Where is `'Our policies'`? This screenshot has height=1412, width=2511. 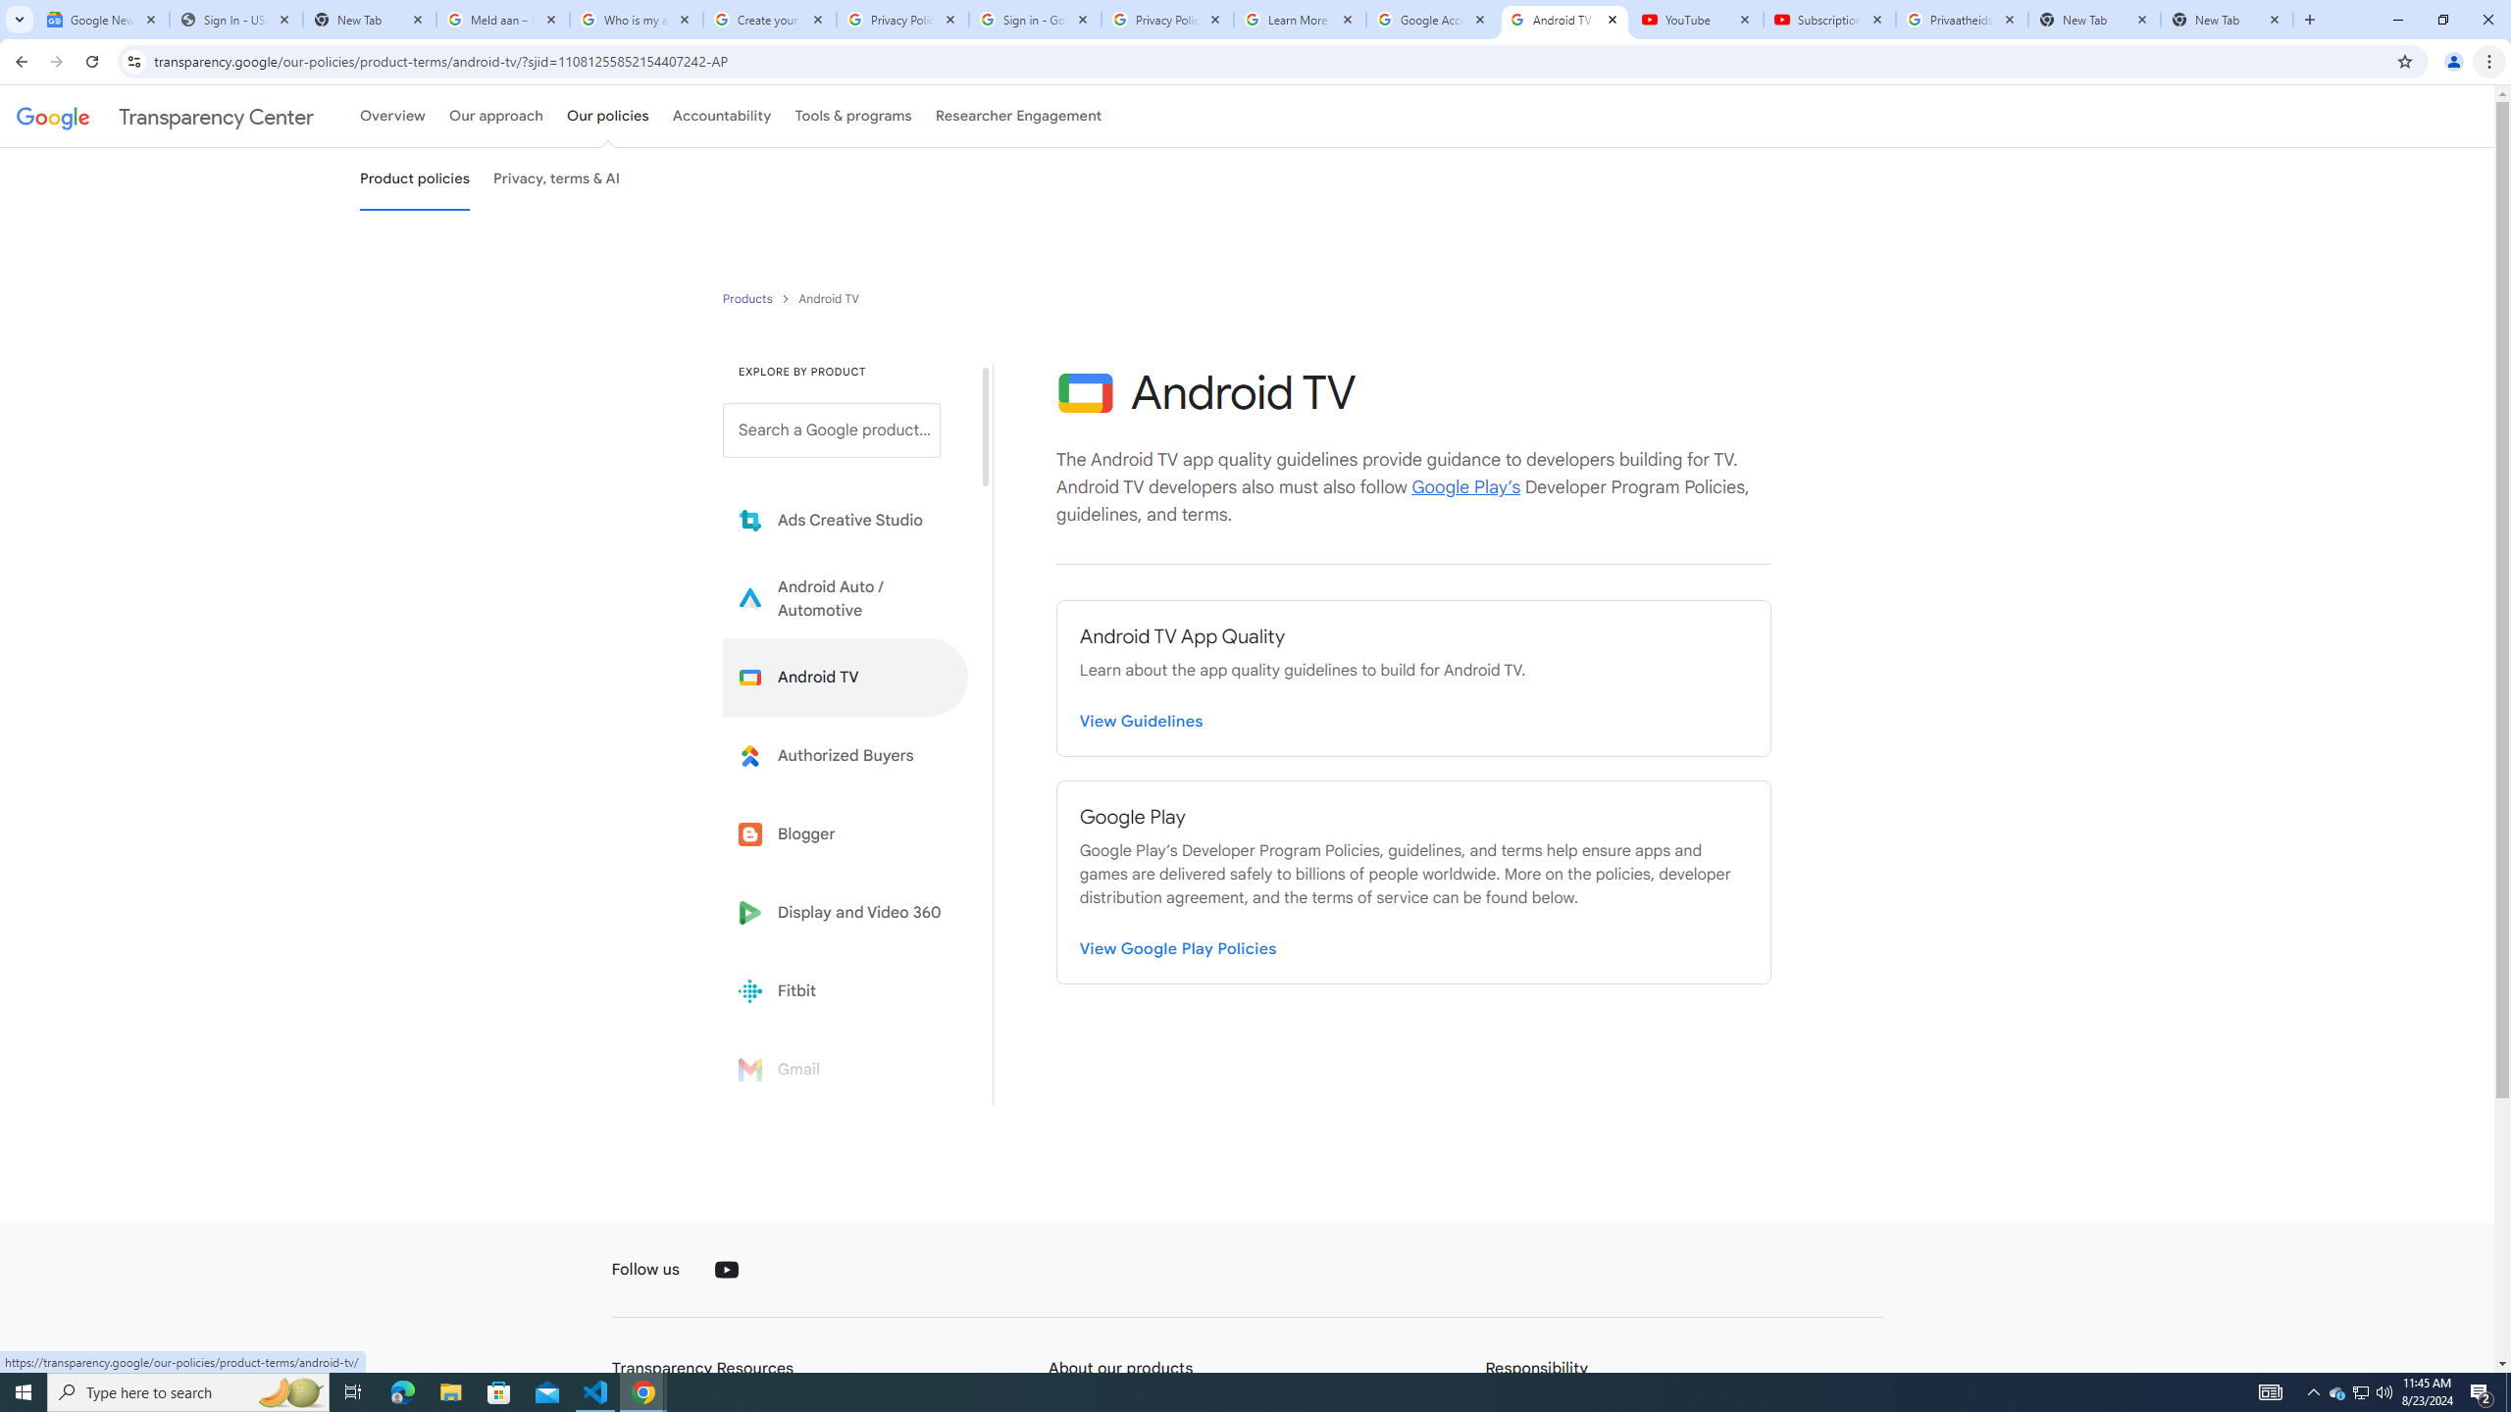 'Our policies' is located at coordinates (607, 116).